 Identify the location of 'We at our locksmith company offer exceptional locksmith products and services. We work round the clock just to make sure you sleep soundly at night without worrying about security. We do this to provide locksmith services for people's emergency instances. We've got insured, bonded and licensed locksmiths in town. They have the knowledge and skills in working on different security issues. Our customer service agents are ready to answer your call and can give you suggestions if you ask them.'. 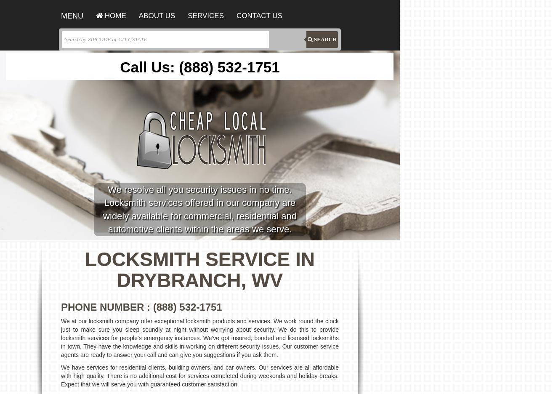
(199, 337).